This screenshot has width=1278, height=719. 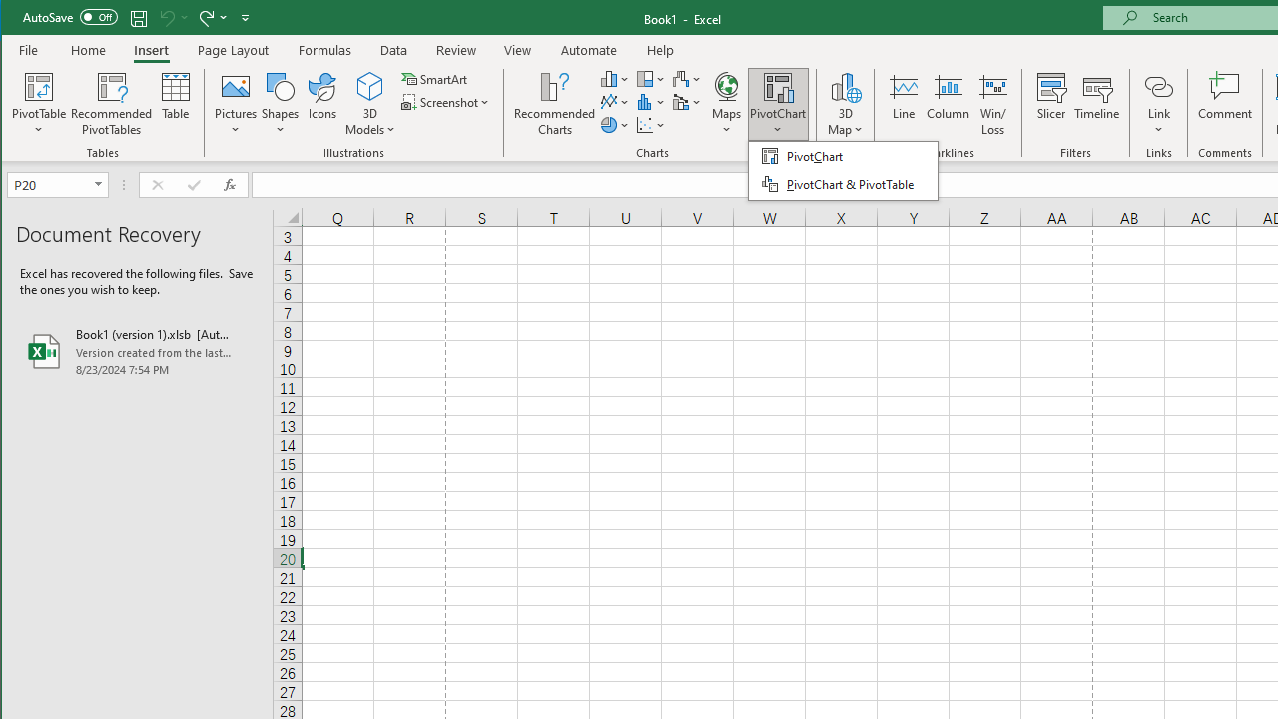 I want to click on '3D Map', so click(x=845, y=85).